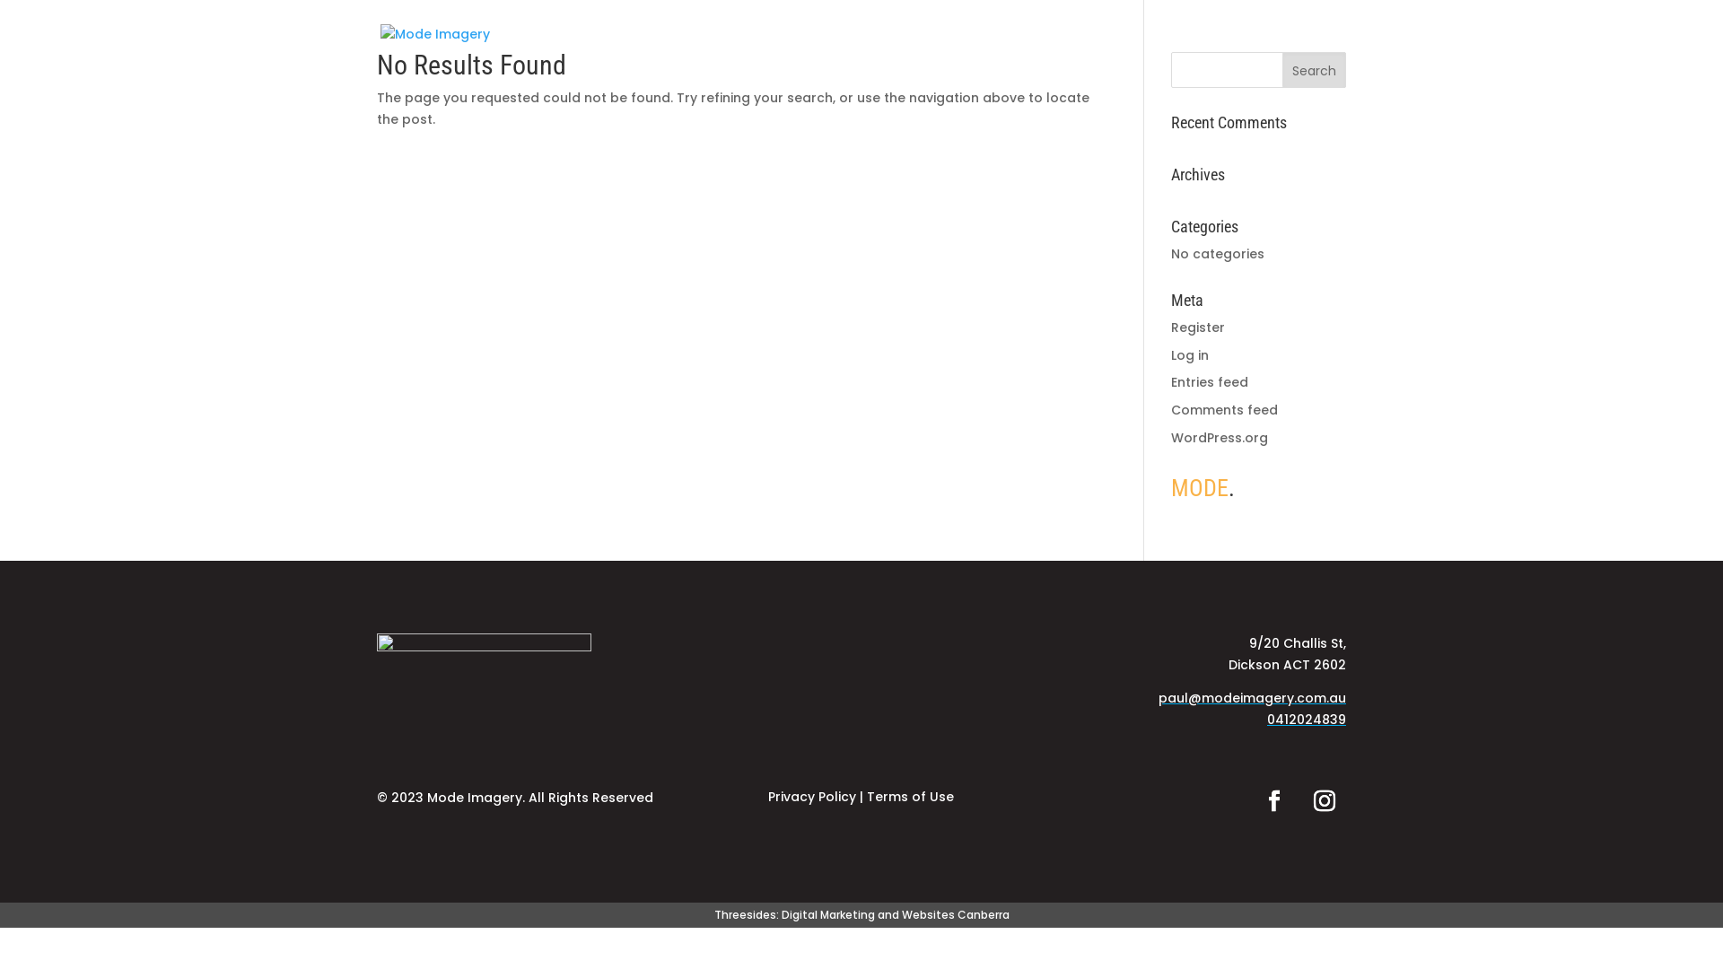 The height and width of the screenshot is (969, 1723). What do you see at coordinates (1314, 68) in the screenshot?
I see `'Search'` at bounding box center [1314, 68].